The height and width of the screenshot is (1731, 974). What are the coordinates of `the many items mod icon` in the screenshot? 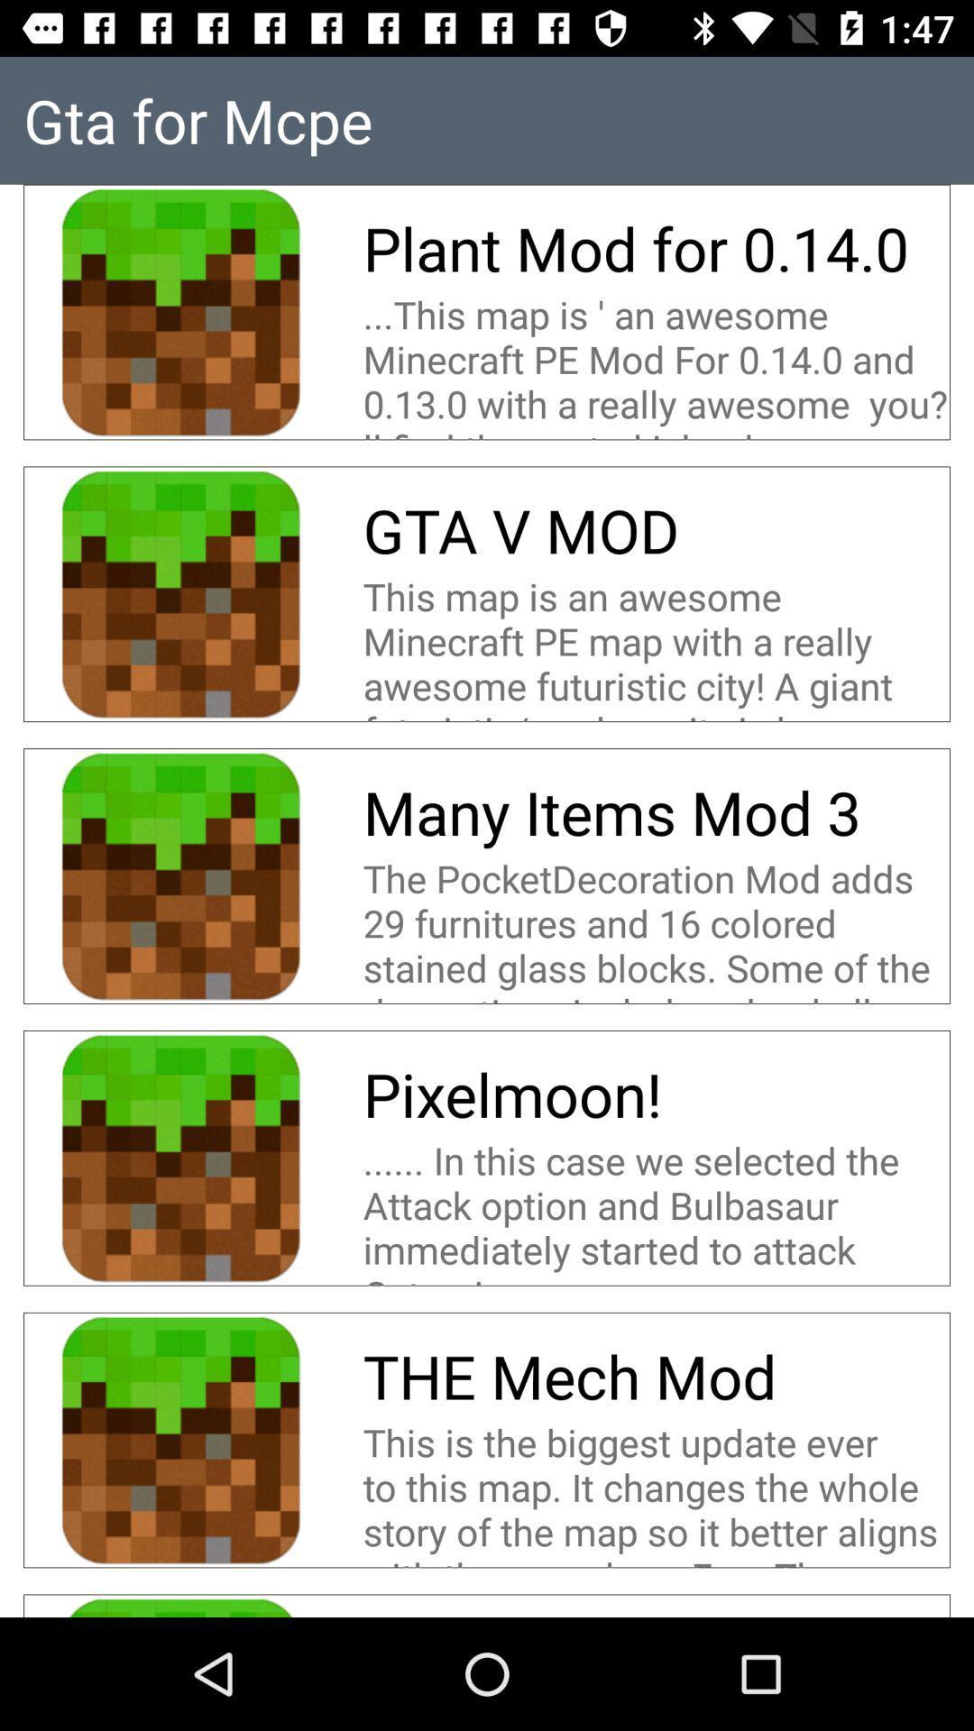 It's located at (618, 811).